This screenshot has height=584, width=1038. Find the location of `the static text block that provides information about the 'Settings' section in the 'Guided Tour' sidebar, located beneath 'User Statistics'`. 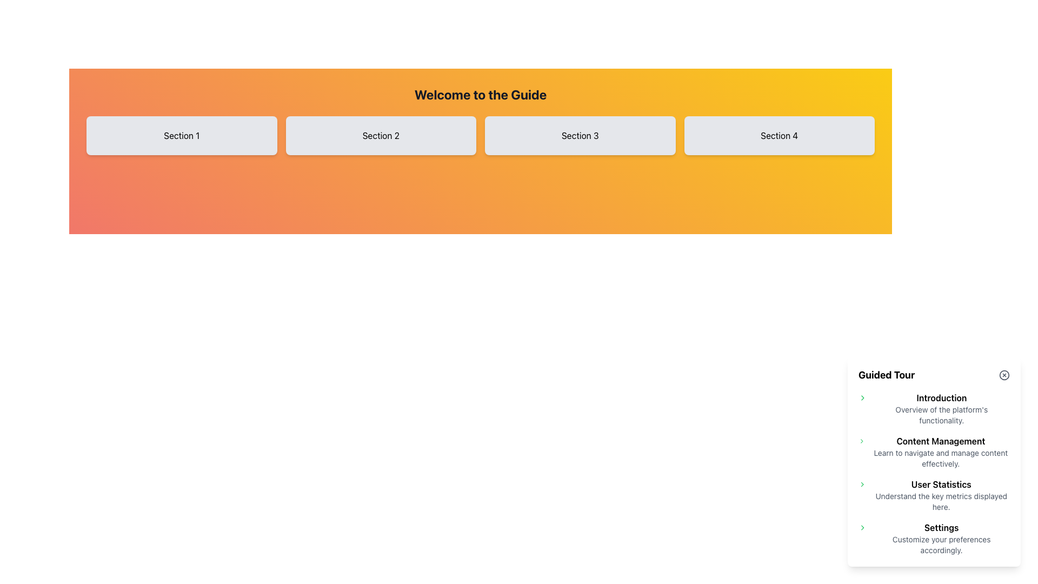

the static text block that provides information about the 'Settings' section in the 'Guided Tour' sidebar, located beneath 'User Statistics' is located at coordinates (941, 538).